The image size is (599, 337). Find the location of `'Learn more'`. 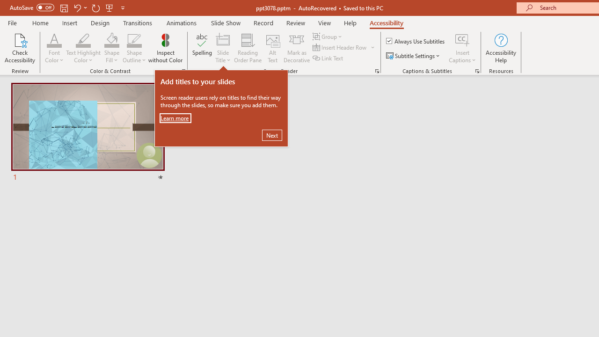

'Learn more' is located at coordinates (175, 117).